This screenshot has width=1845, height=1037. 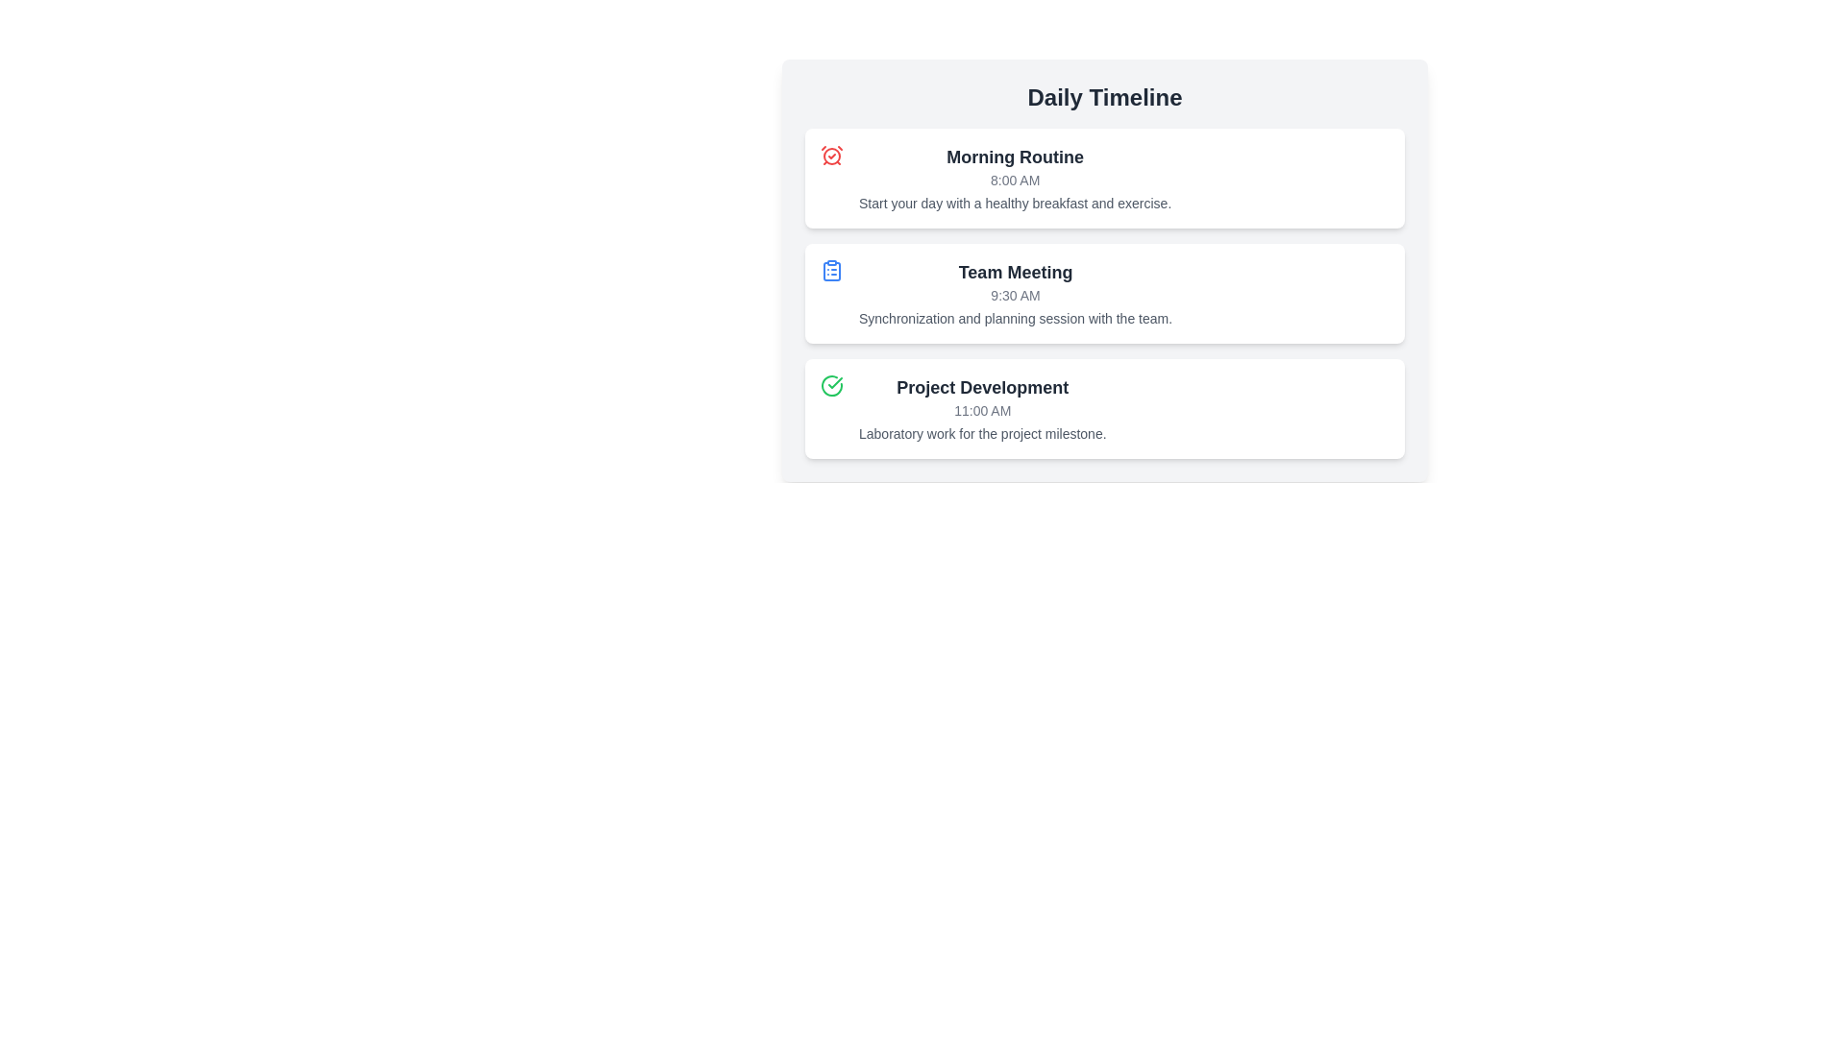 What do you see at coordinates (982, 410) in the screenshot?
I see `the text label displaying '11:00 AM' in gray, located below the title 'Project Development' on the third card in the vertical stack` at bounding box center [982, 410].